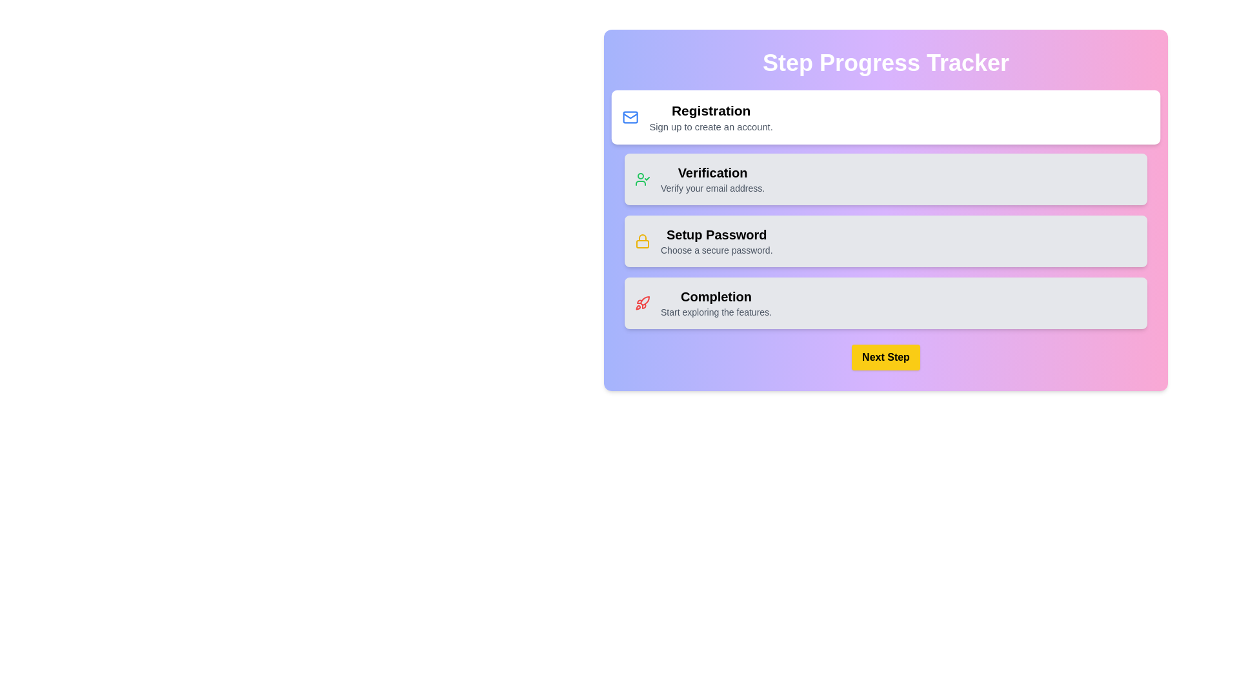  I want to click on the green user profile icon with a checkmark, which indicates verification, located to the left of the 'Verification' text in the step-progress tracker interface, so click(643, 179).